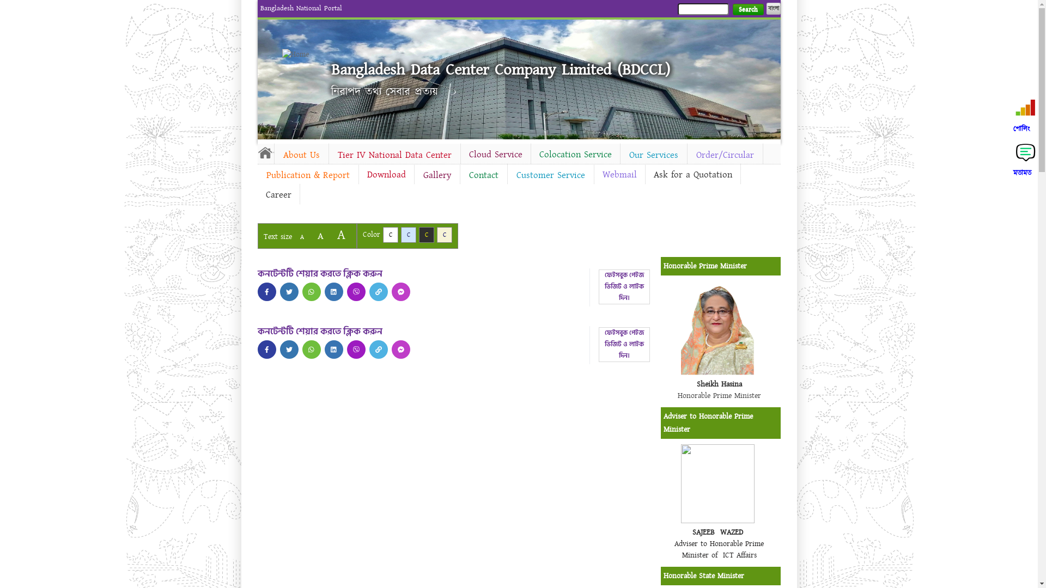 The width and height of the screenshot is (1046, 588). What do you see at coordinates (394, 155) in the screenshot?
I see `'Tier IV National Data Center'` at bounding box center [394, 155].